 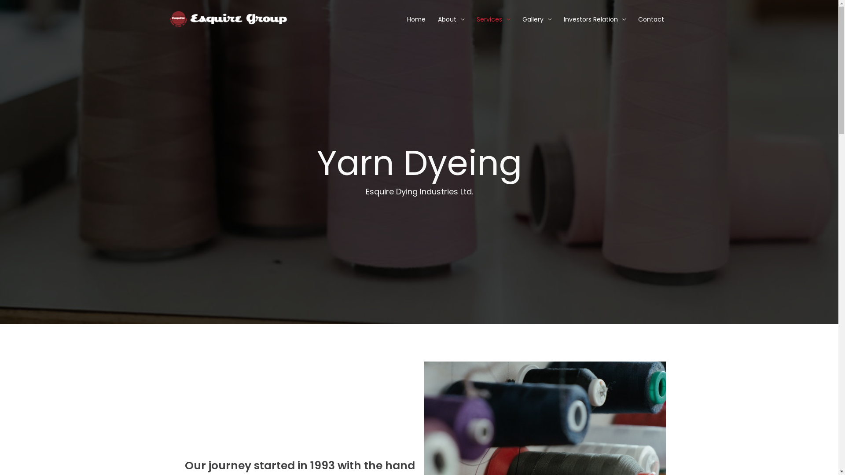 I want to click on 'Investors Relation', so click(x=557, y=18).